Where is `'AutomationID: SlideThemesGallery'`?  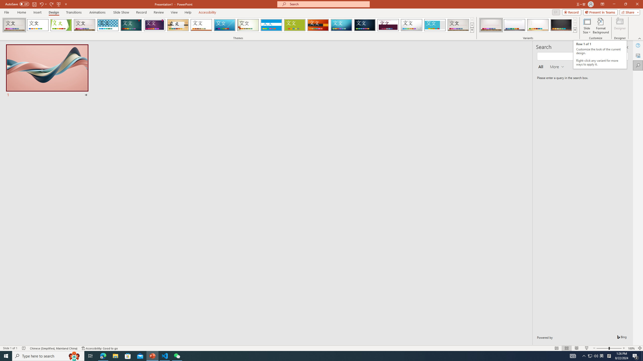
'AutomationID: SlideThemesGallery' is located at coordinates (238, 25).